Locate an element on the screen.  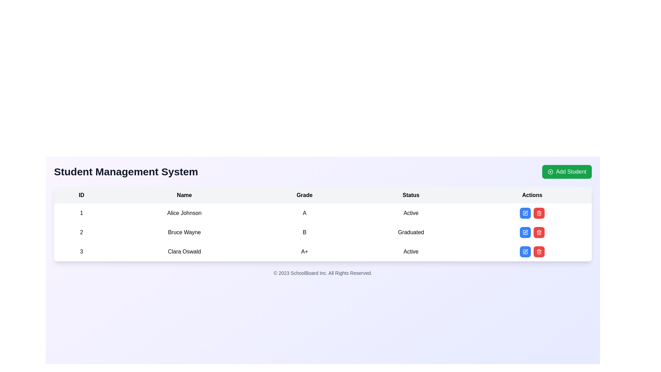
the main header text indicating the purpose of the student management page, located near the top-left corner of the layout is located at coordinates (126, 171).